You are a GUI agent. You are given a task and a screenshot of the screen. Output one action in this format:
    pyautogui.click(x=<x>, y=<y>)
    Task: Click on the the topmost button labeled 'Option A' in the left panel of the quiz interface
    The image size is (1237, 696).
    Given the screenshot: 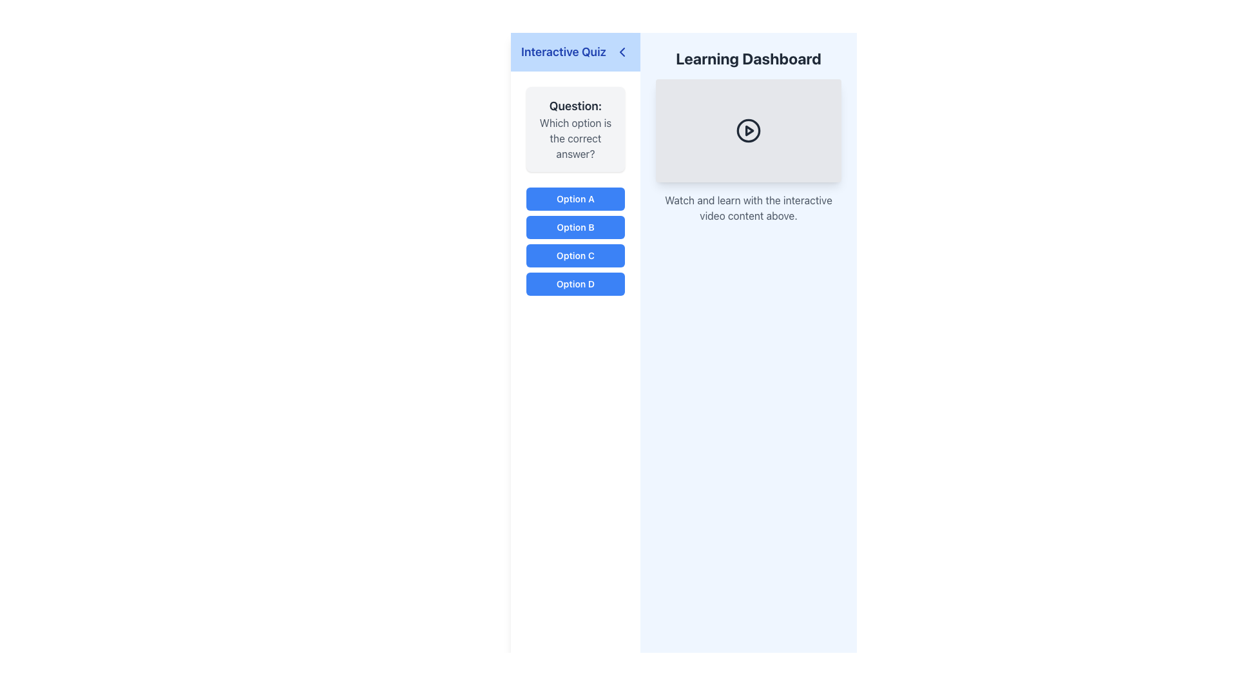 What is the action you would take?
    pyautogui.click(x=575, y=198)
    